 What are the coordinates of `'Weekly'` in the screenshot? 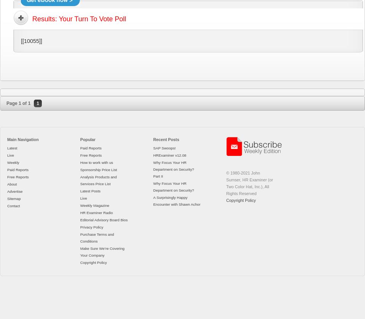 It's located at (7, 162).